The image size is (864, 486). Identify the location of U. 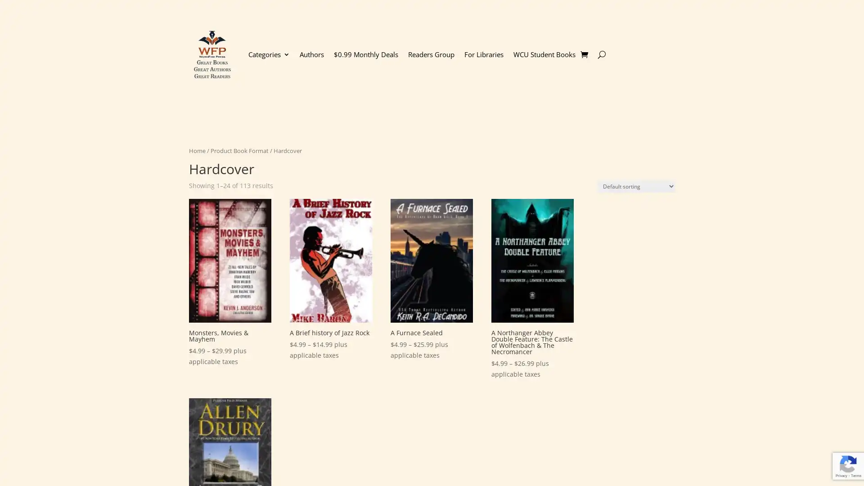
(601, 54).